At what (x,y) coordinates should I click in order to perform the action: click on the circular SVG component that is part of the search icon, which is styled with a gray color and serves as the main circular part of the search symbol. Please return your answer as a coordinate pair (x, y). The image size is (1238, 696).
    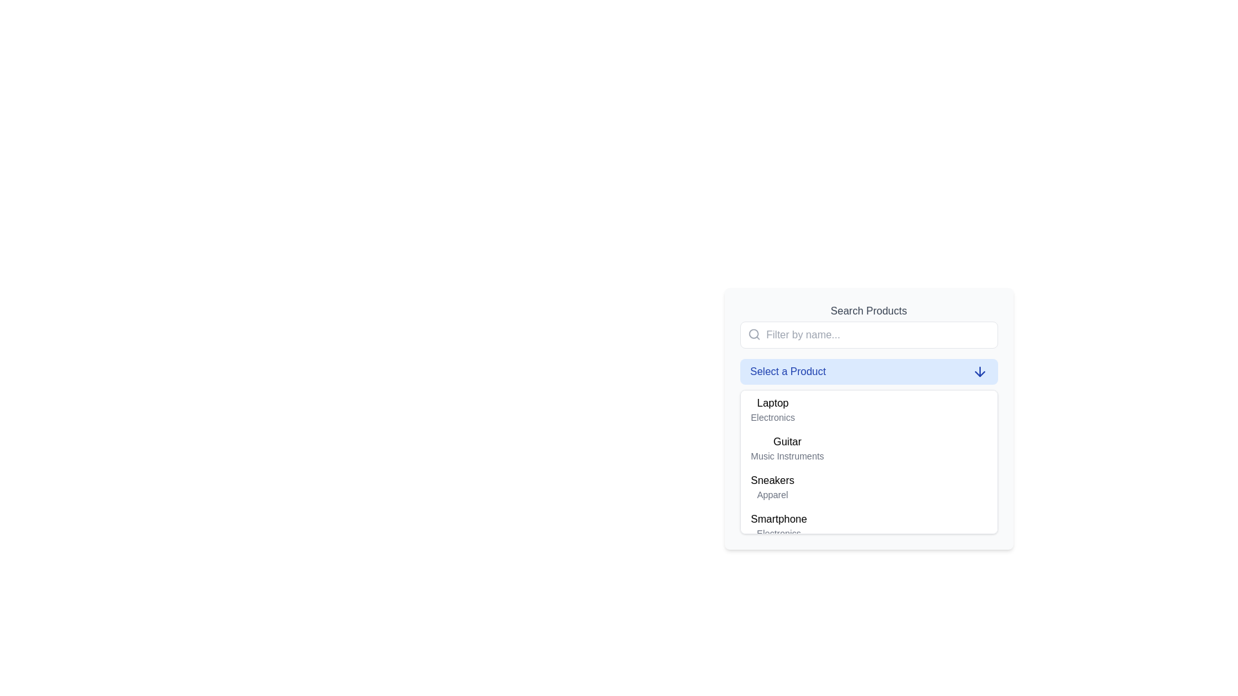
    Looking at the image, I should click on (753, 333).